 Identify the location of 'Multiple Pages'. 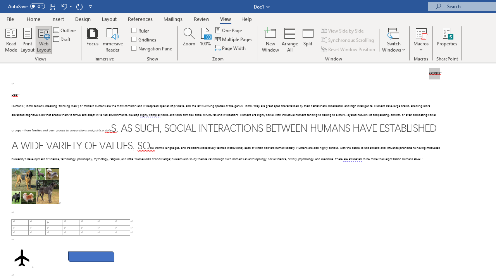
(234, 39).